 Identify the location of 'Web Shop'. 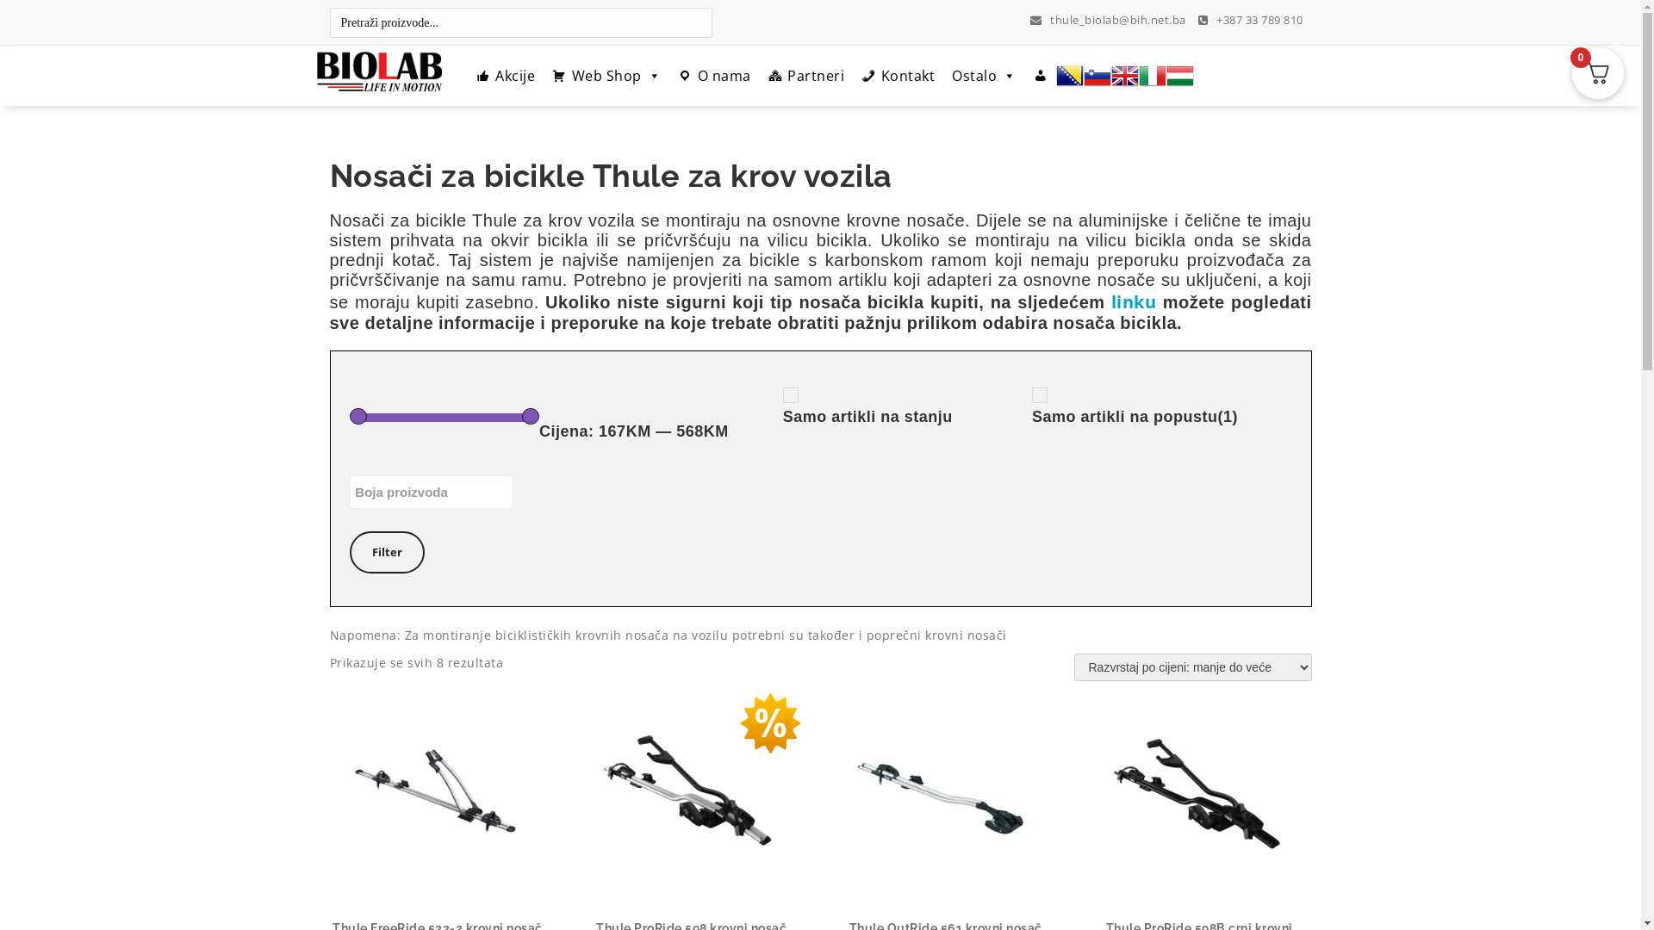
(606, 75).